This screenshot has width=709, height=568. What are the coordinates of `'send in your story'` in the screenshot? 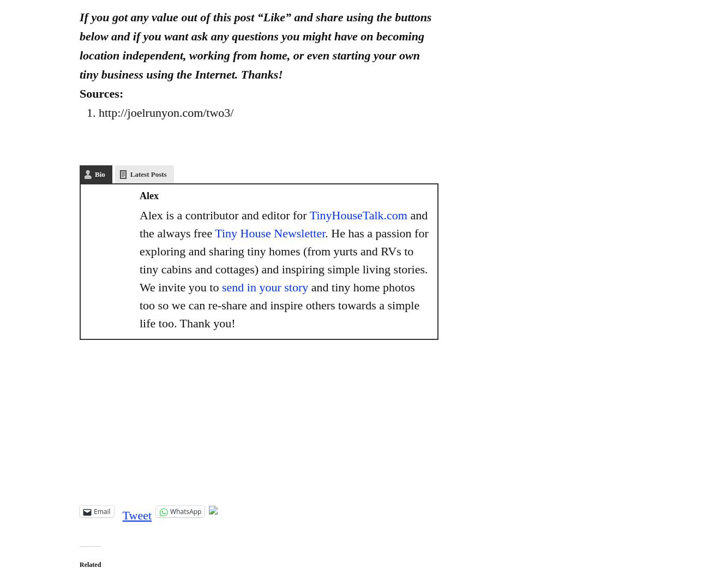 It's located at (221, 287).